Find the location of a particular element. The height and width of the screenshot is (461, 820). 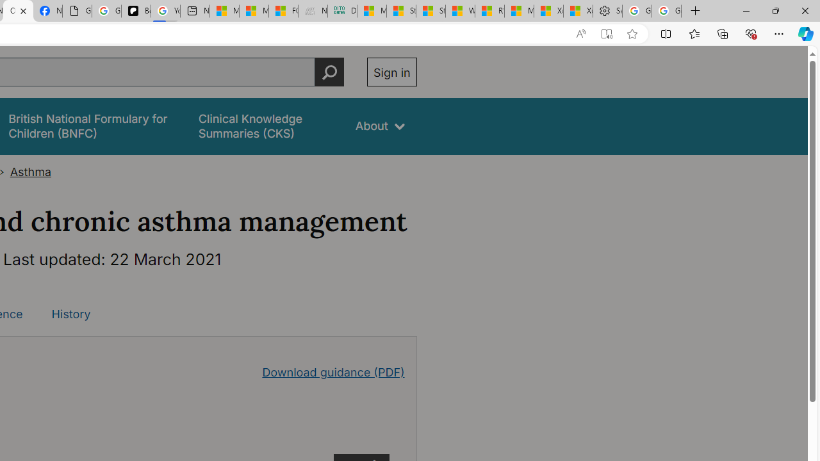

'Sign in' is located at coordinates (391, 72).